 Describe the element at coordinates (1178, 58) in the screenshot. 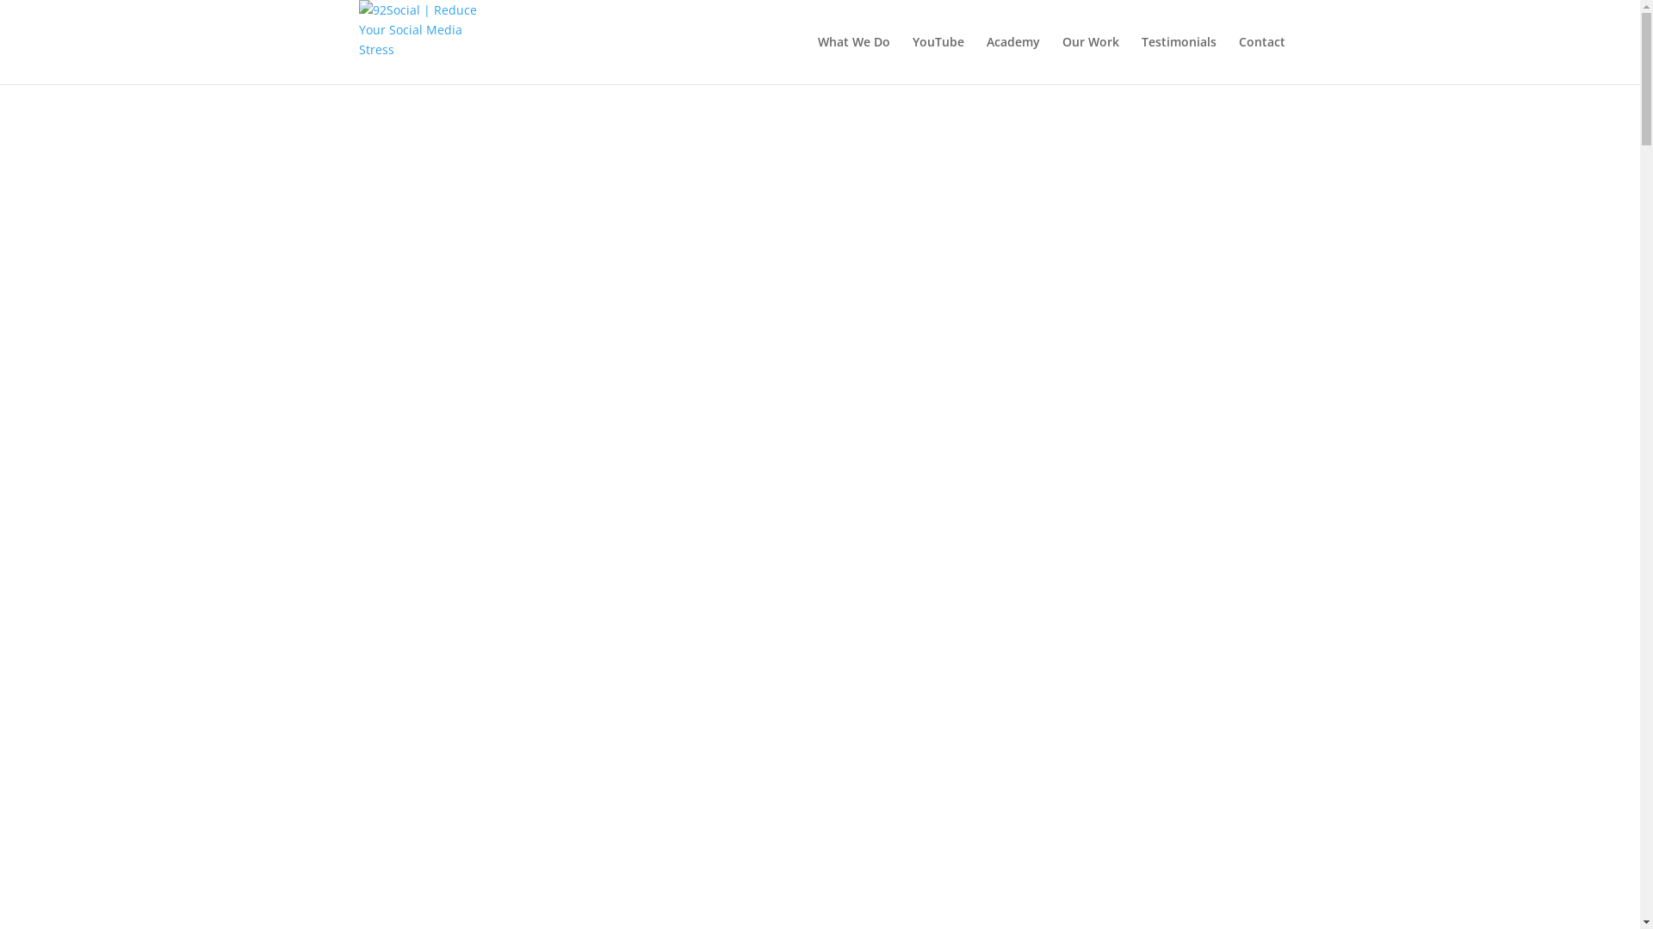

I see `'Testimonials'` at that location.